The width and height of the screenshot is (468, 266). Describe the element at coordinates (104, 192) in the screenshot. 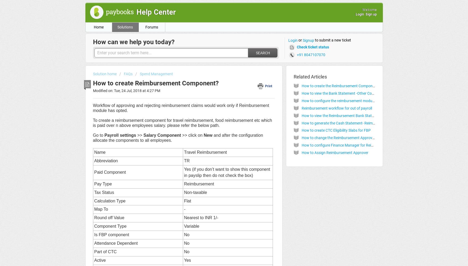

I see `'Tax Status'` at that location.